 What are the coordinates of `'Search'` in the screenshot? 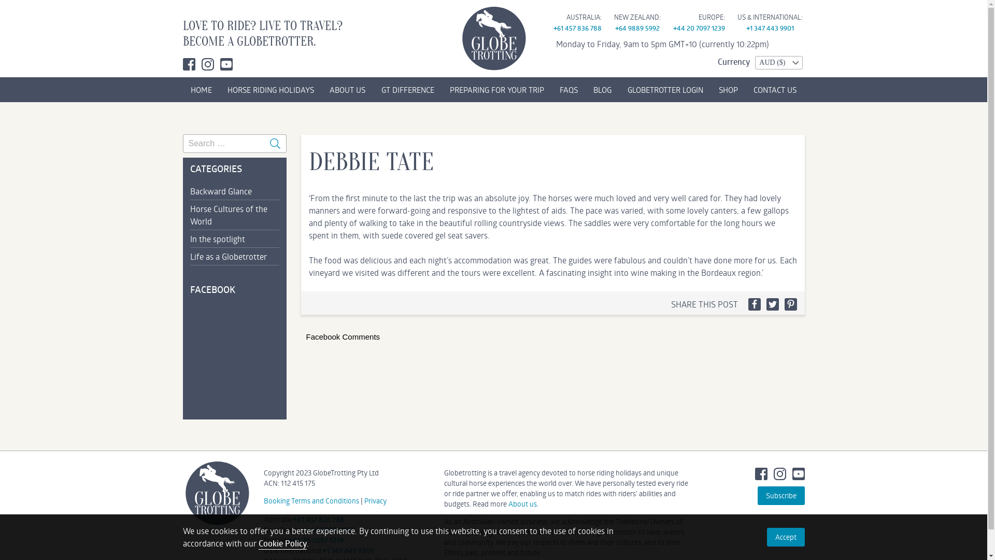 It's located at (275, 144).